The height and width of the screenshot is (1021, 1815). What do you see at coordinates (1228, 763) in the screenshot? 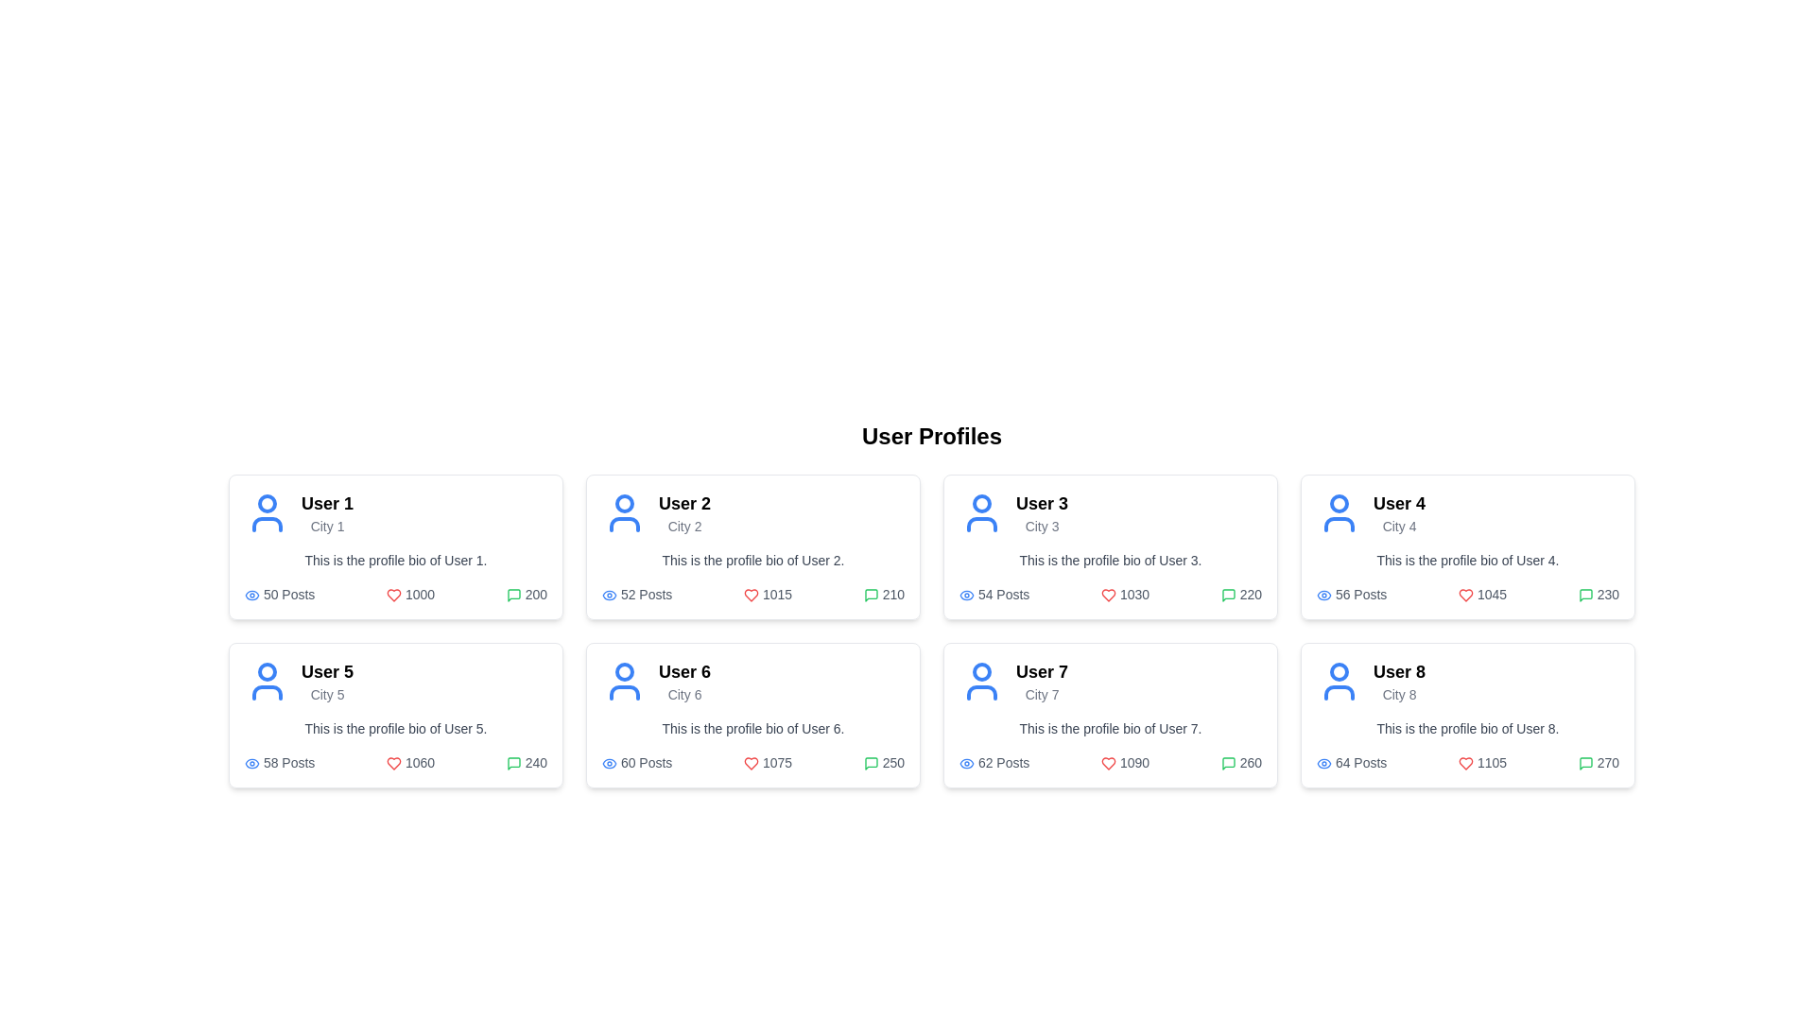
I see `the comments icon located in the bottom right corner of the 'User 7' profile card, adjacent to the text '260'` at bounding box center [1228, 763].